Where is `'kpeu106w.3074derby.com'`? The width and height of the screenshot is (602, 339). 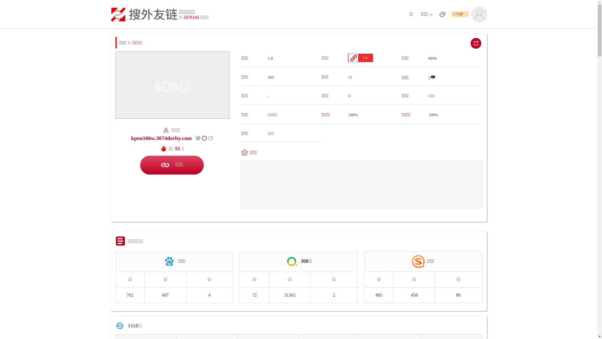
'kpeu106w.3074derby.com' is located at coordinates (161, 137).